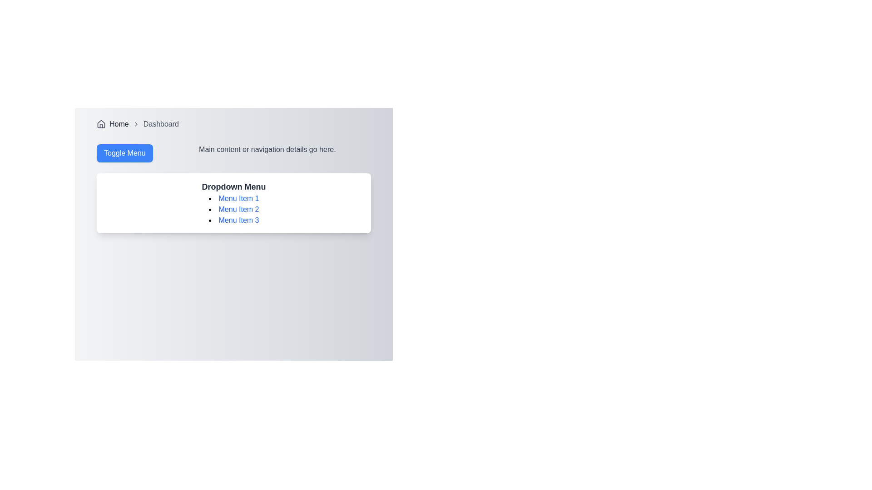 This screenshot has height=490, width=872. Describe the element at coordinates (124, 153) in the screenshot. I see `the first button on the left side of the navigation bar` at that location.